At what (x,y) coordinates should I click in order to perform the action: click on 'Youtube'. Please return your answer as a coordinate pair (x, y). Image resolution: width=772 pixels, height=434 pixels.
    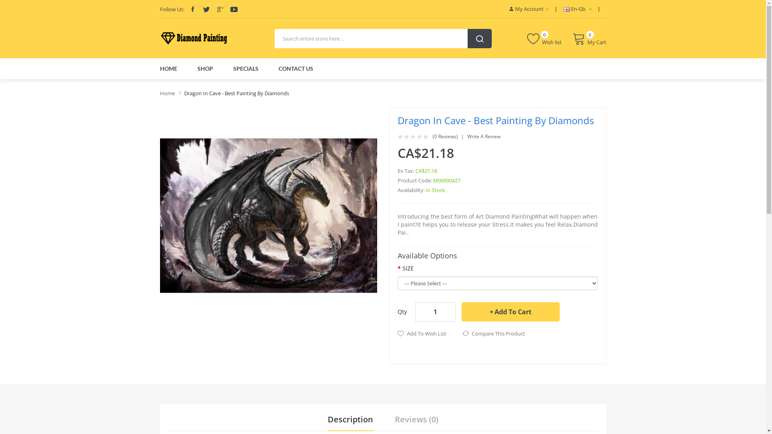
    Looking at the image, I should click on (233, 9).